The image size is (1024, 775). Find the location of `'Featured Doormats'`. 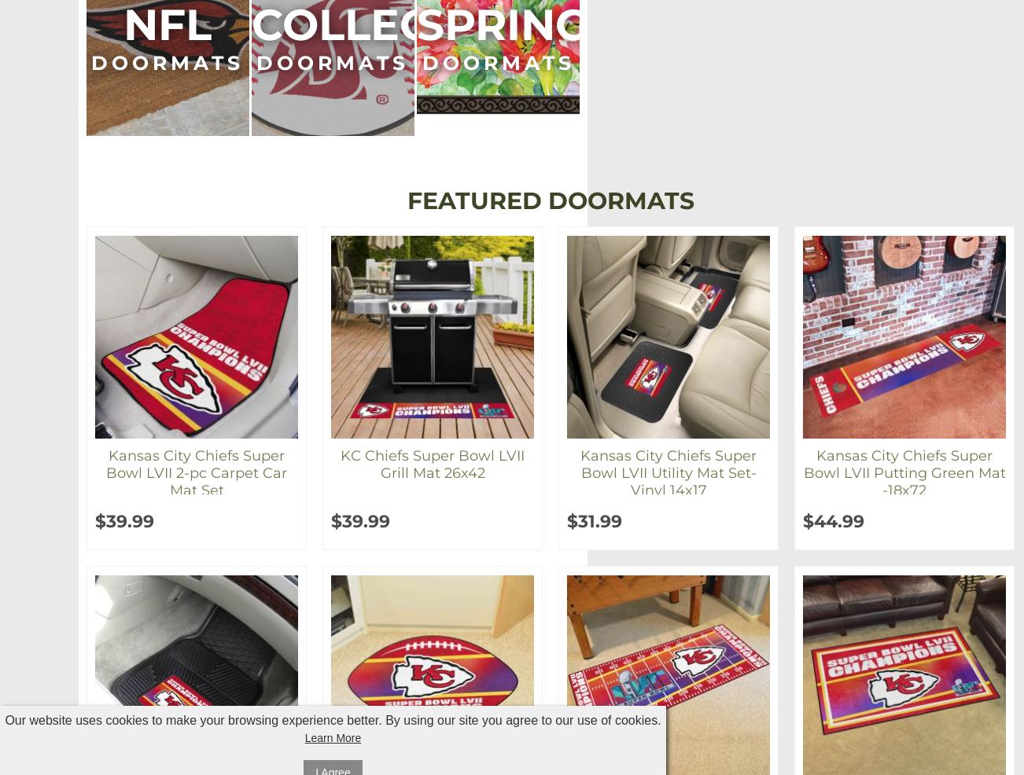

'Featured Doormats' is located at coordinates (550, 200).